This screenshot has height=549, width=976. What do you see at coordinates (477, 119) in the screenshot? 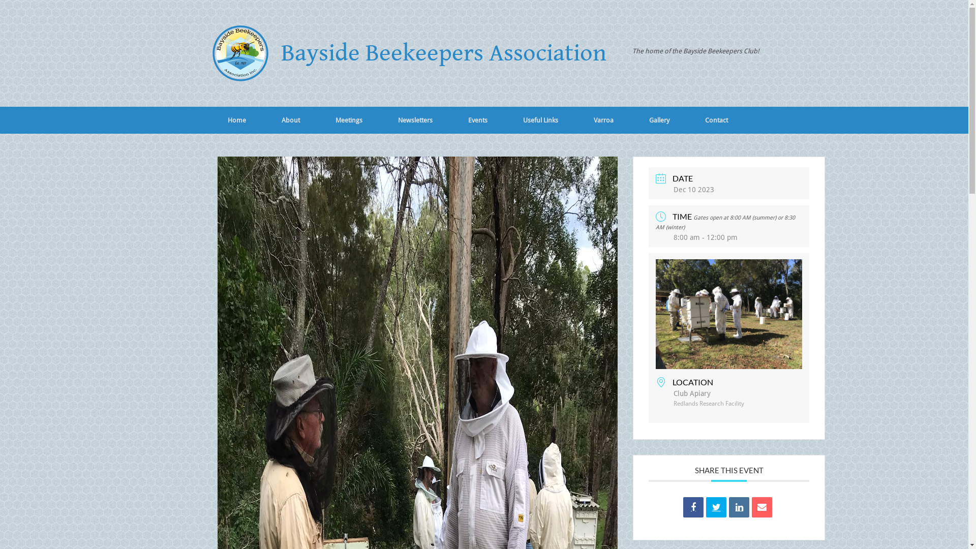
I see `'Events'` at bounding box center [477, 119].